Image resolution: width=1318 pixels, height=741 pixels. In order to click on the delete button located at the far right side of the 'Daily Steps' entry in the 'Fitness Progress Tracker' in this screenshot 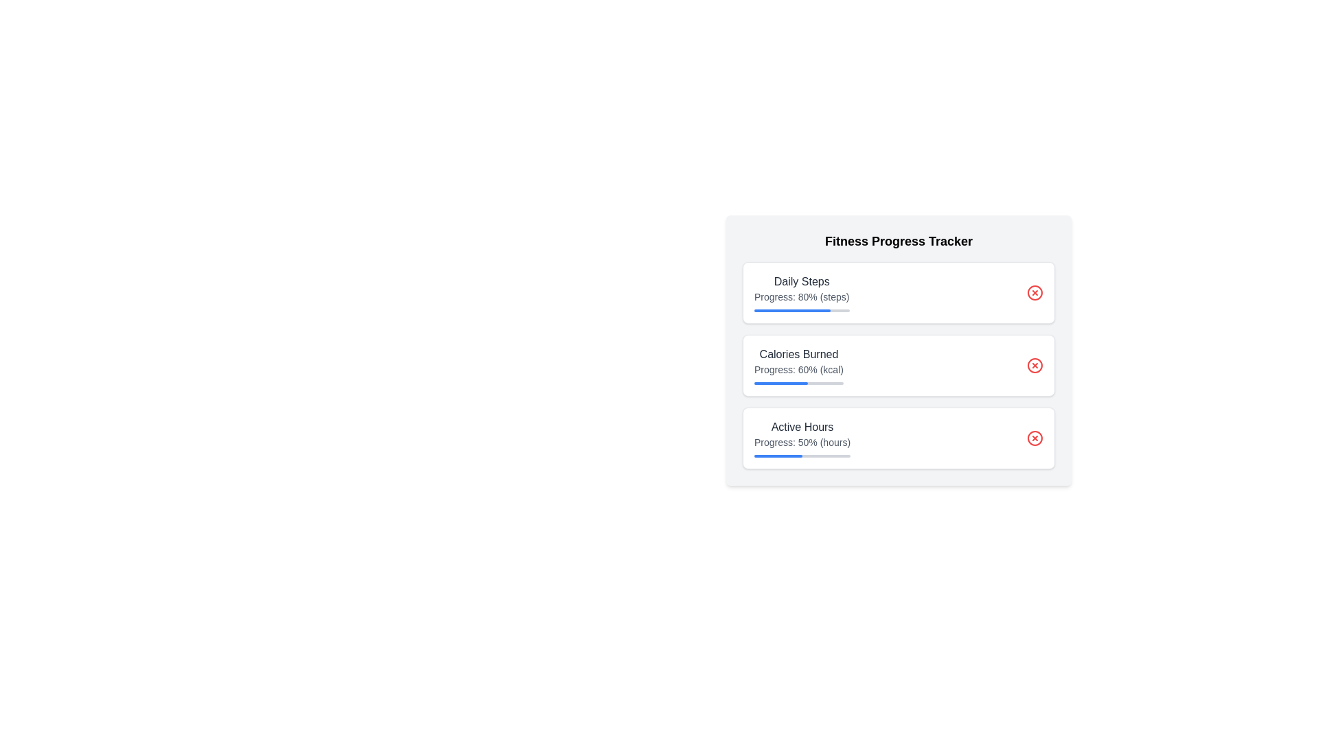, I will do `click(1034, 292)`.